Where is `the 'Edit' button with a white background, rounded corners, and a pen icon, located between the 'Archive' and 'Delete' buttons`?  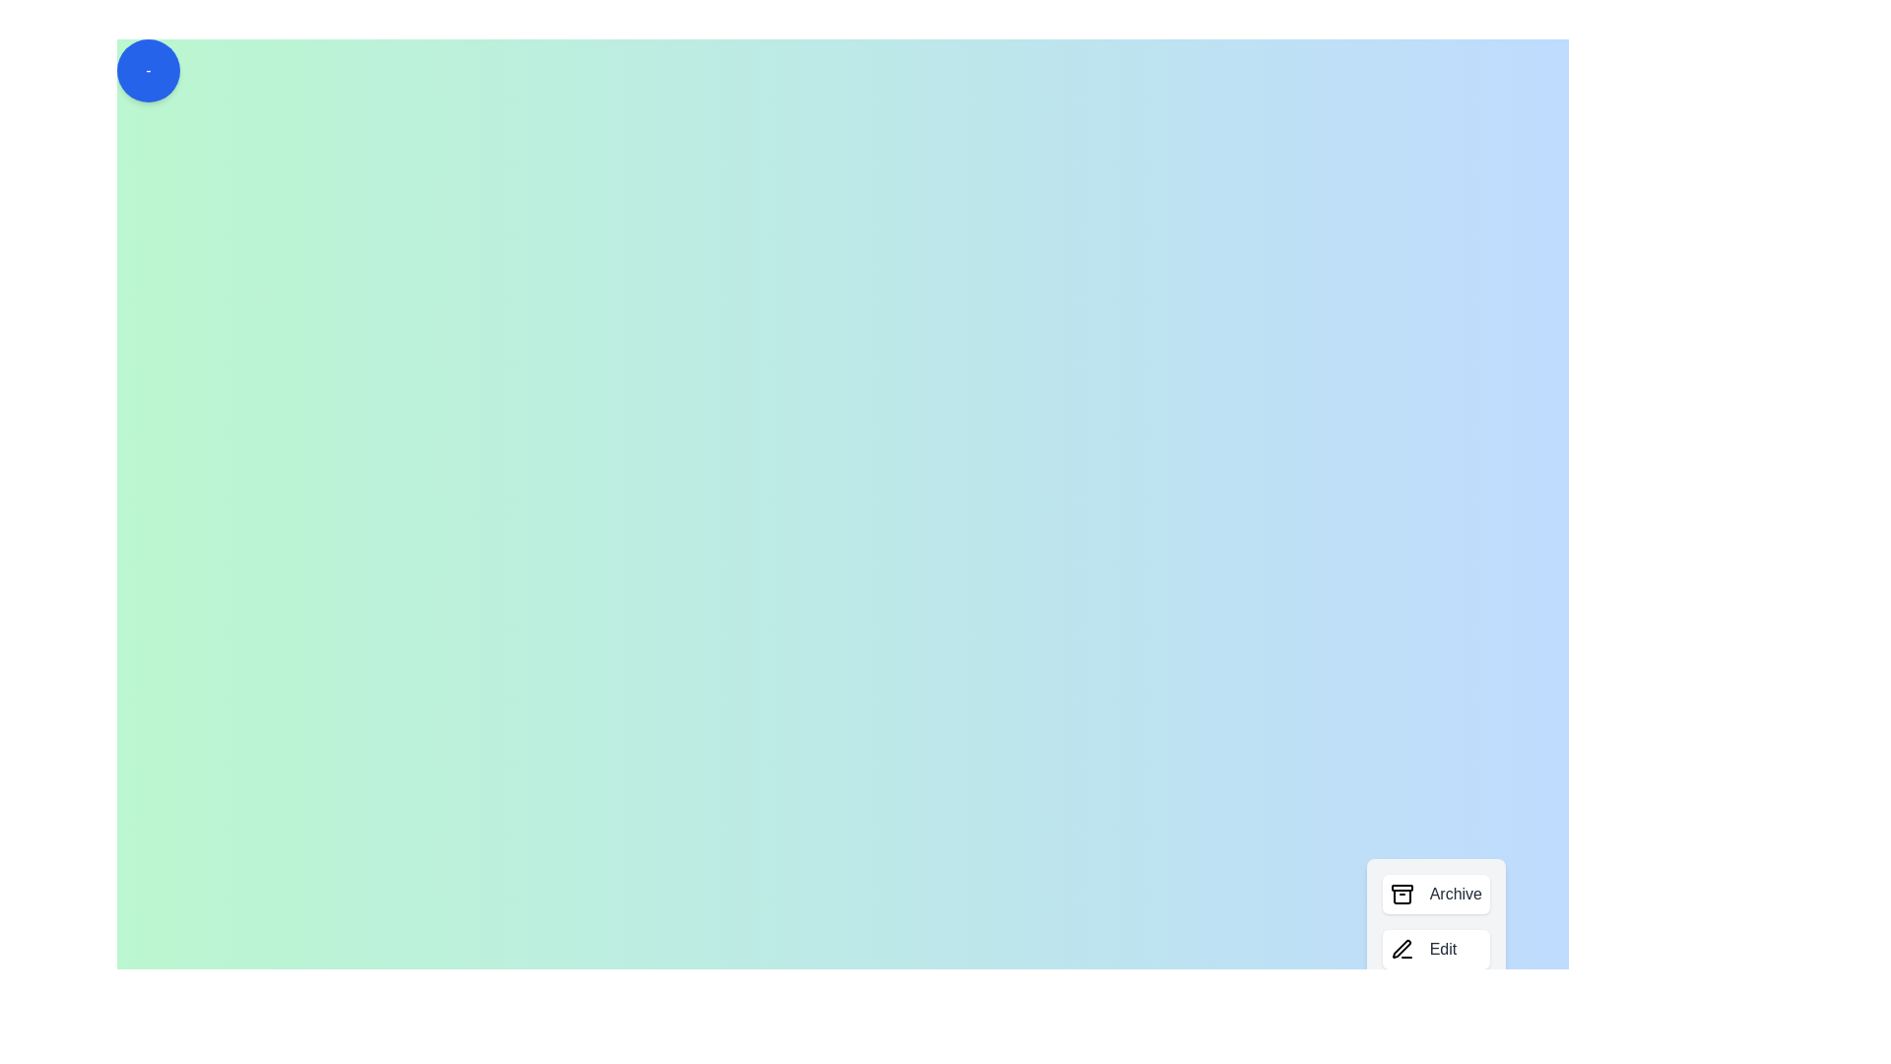
the 'Edit' button with a white background, rounded corners, and a pen icon, located between the 'Archive' and 'Delete' buttons is located at coordinates (1436, 949).